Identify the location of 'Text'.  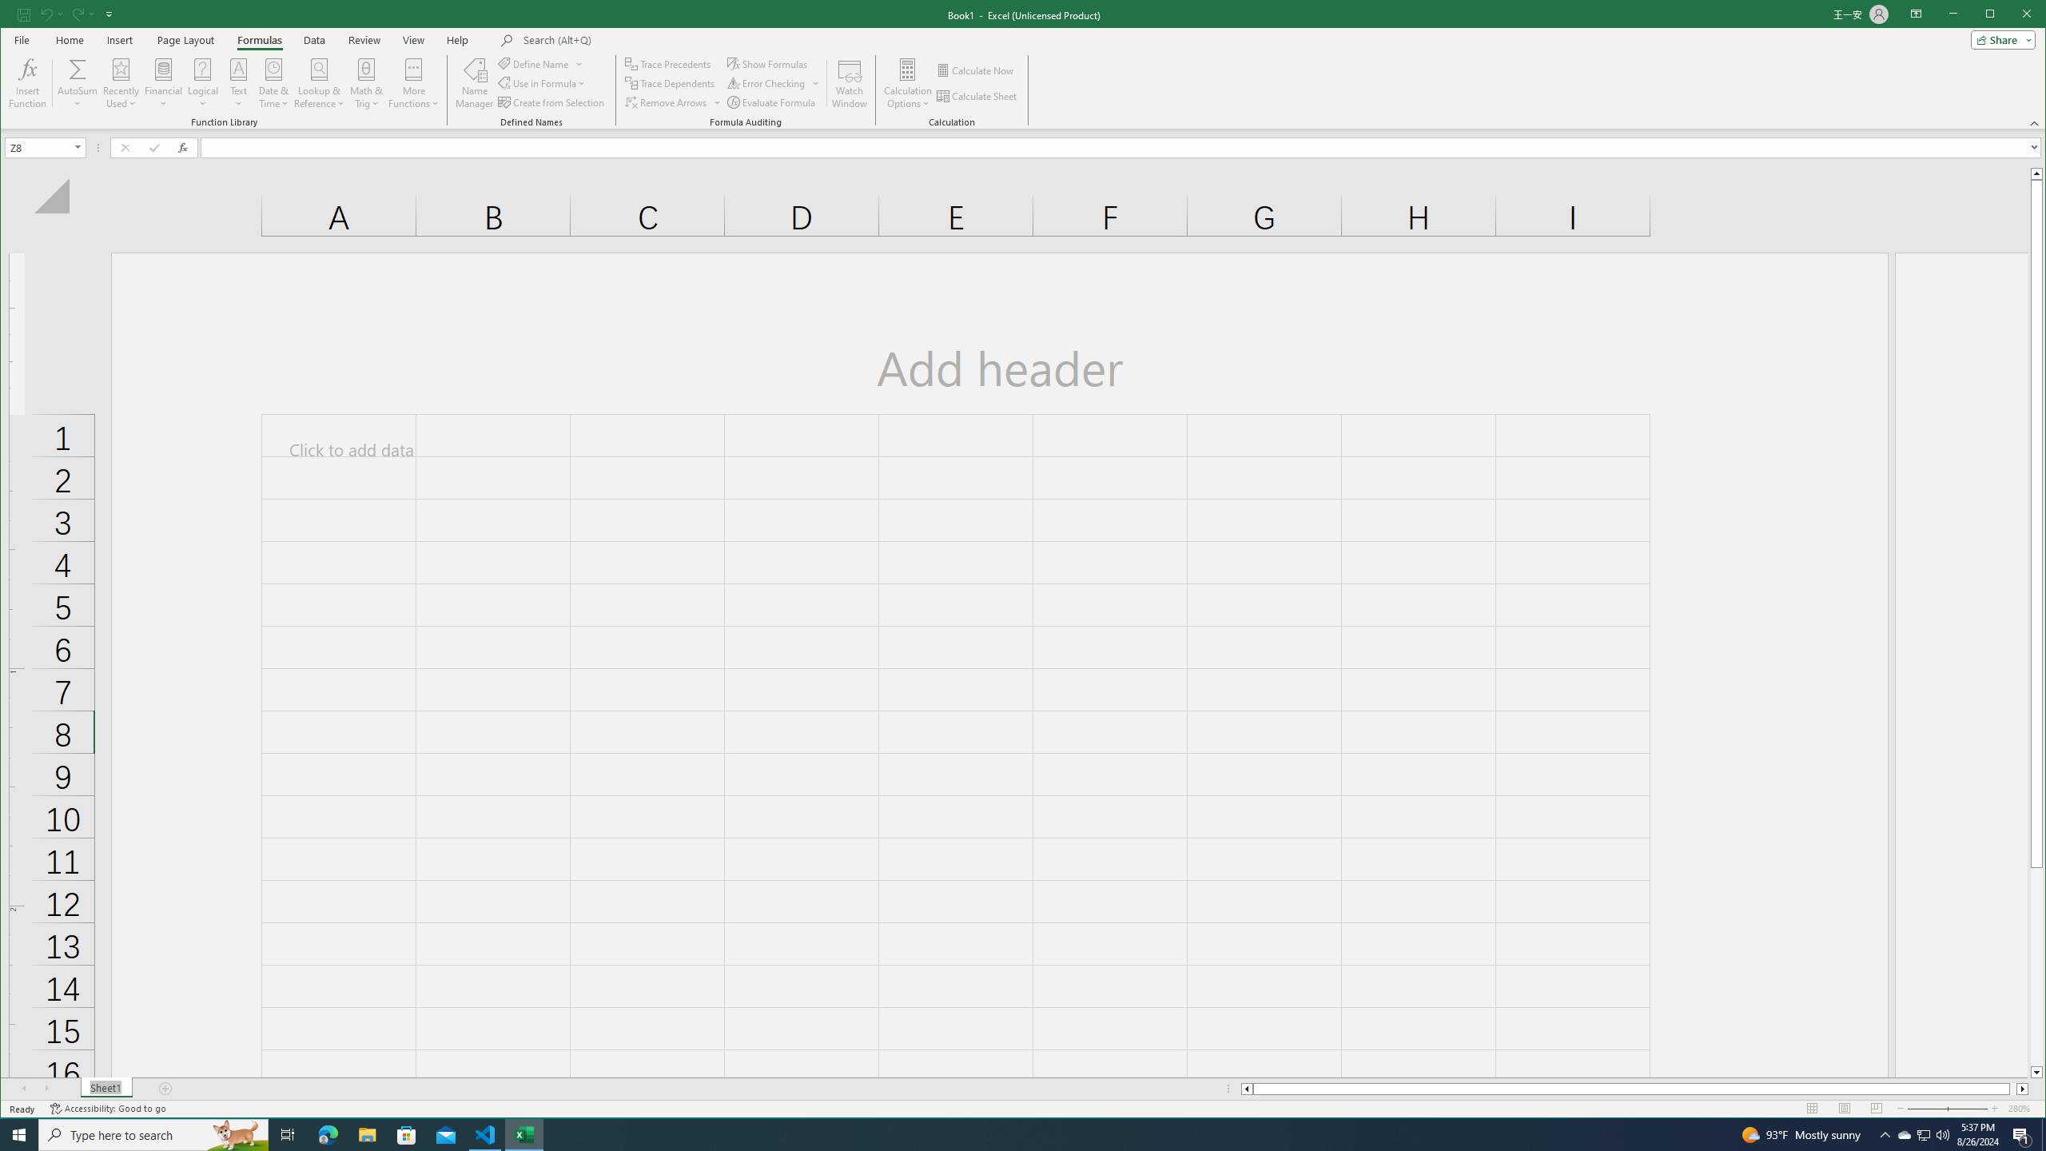
(238, 82).